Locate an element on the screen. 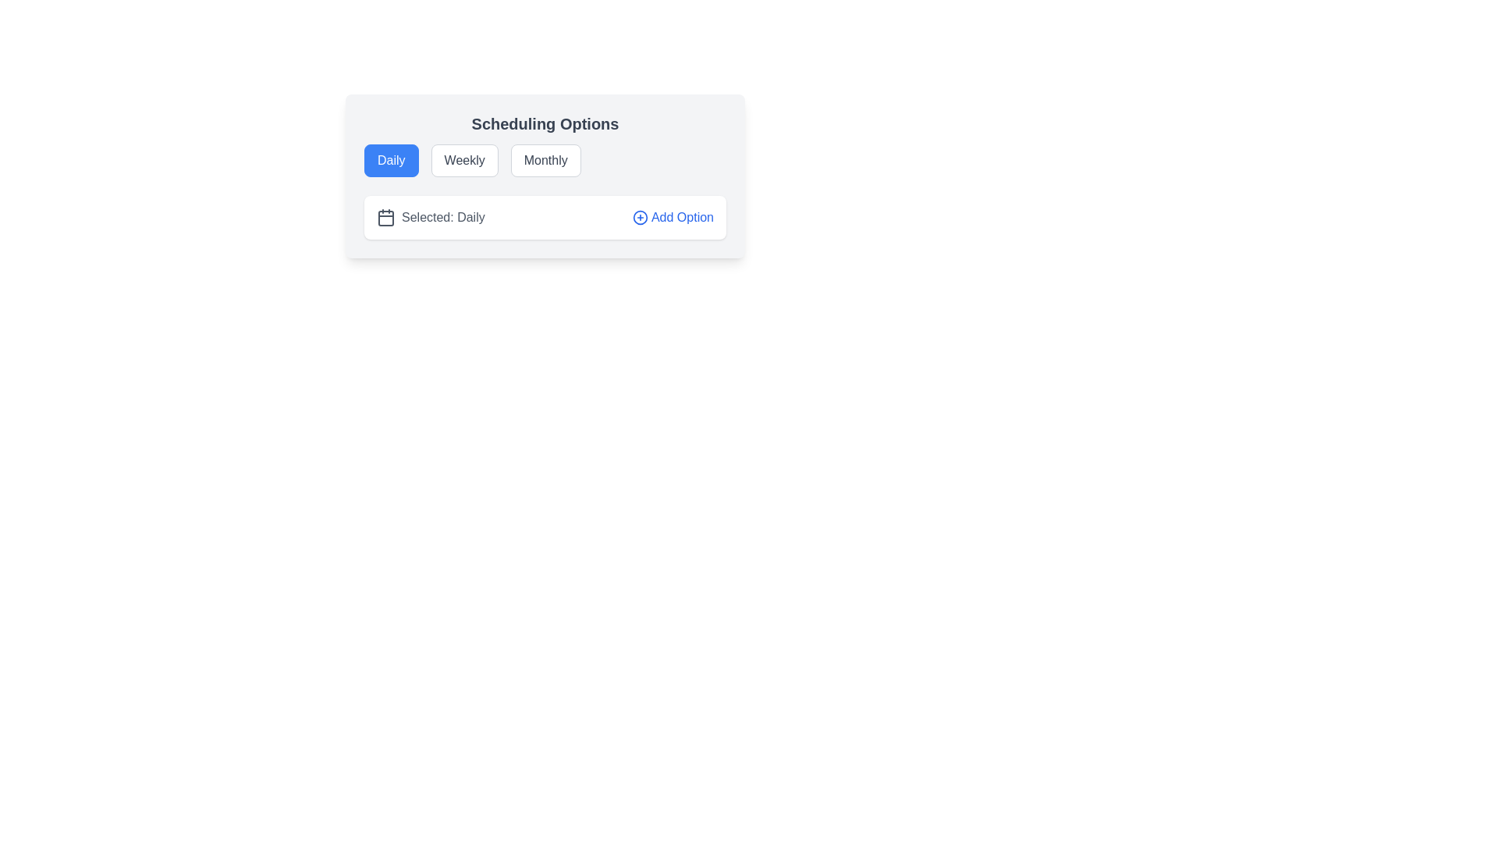 The width and height of the screenshot is (1498, 843). the circular icon button with a plus sign symbol, located to the left of the 'Add Option' text in the 'Scheduling Options' section is located at coordinates (640, 217).